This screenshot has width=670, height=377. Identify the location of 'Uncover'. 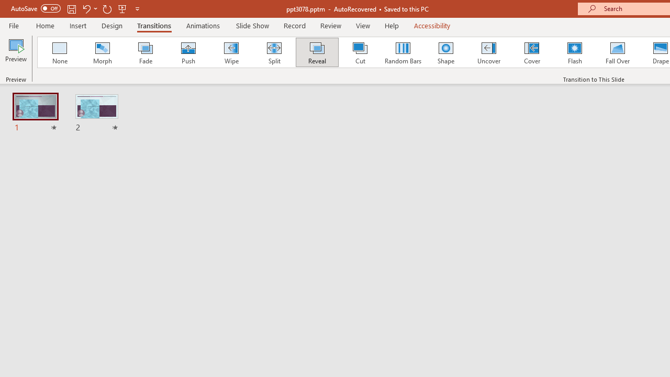
(488, 52).